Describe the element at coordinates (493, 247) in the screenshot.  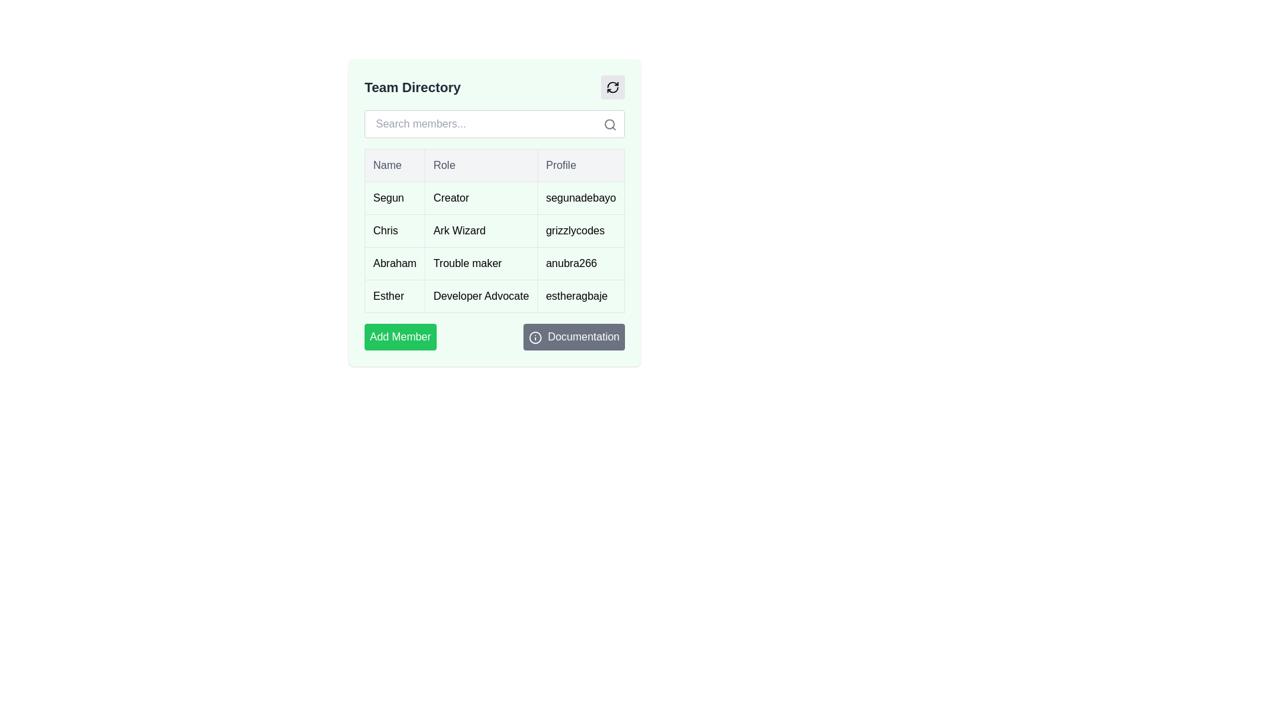
I see `the second table row` at that location.